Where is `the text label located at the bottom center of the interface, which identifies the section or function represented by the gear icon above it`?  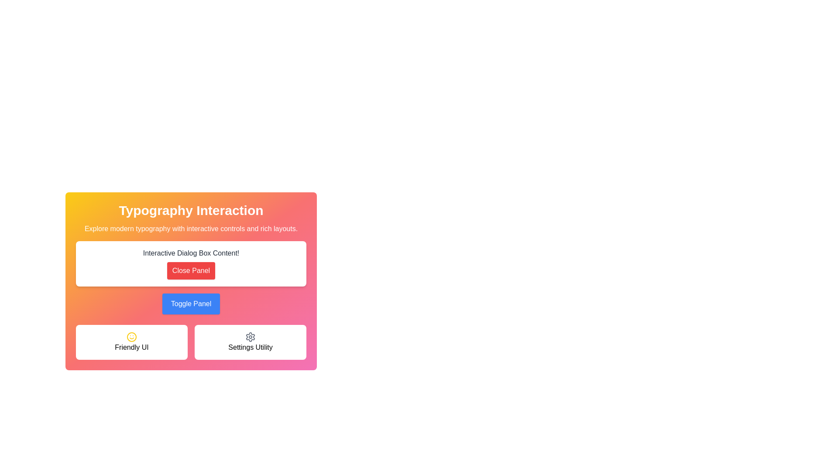 the text label located at the bottom center of the interface, which identifies the section or function represented by the gear icon above it is located at coordinates (250, 347).